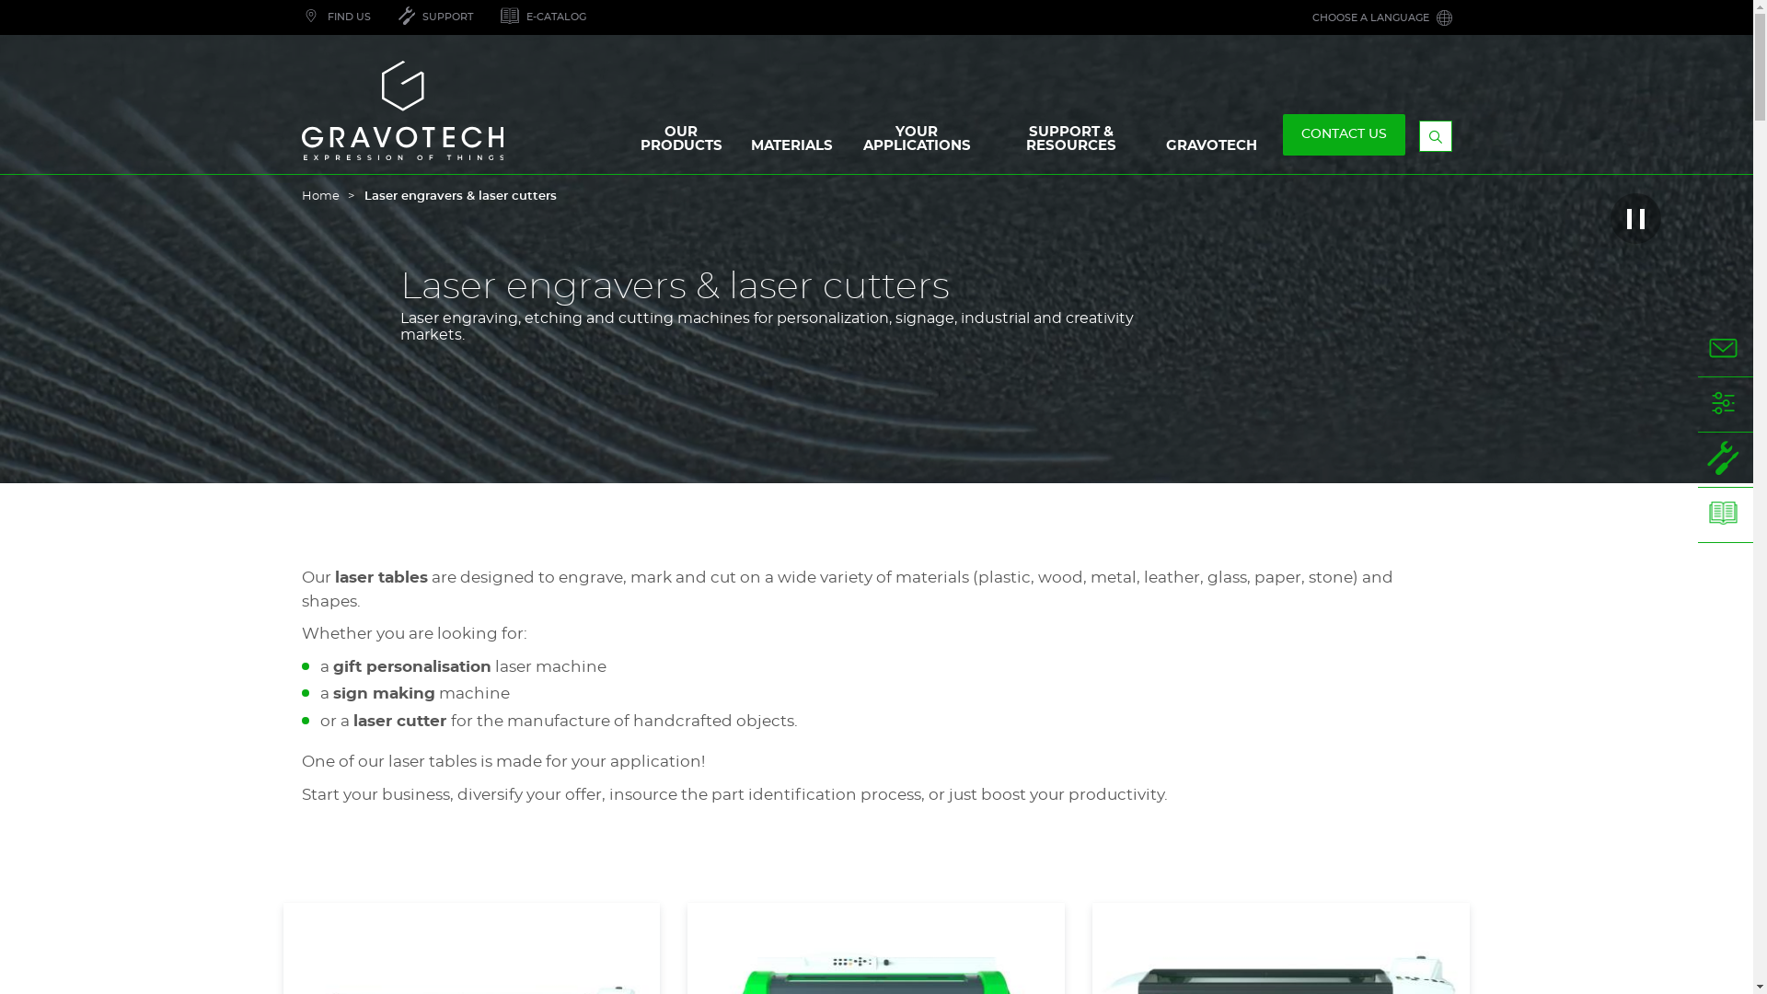 The height and width of the screenshot is (994, 1767). I want to click on 'Display the searchbar', so click(1435, 134).